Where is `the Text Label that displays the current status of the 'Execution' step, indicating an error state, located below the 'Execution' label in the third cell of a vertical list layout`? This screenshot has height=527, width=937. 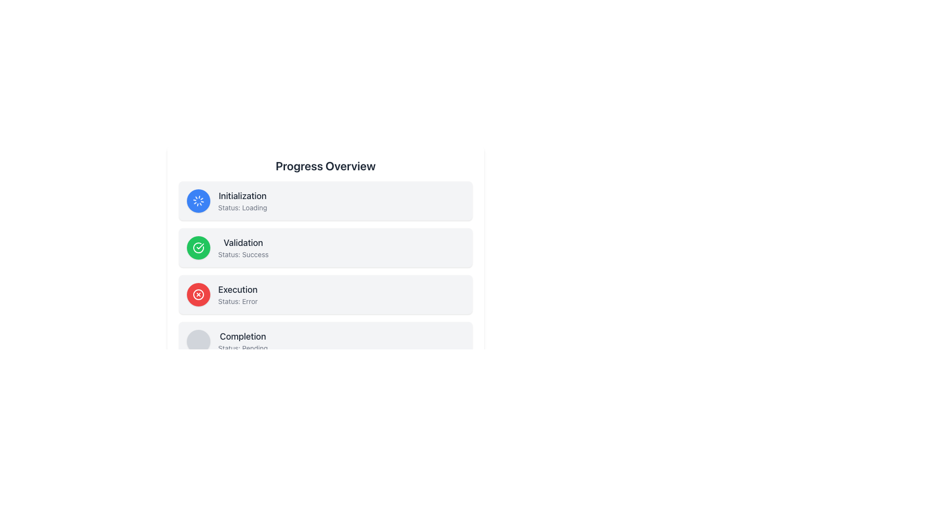
the Text Label that displays the current status of the 'Execution' step, indicating an error state, located below the 'Execution' label in the third cell of a vertical list layout is located at coordinates (238, 301).